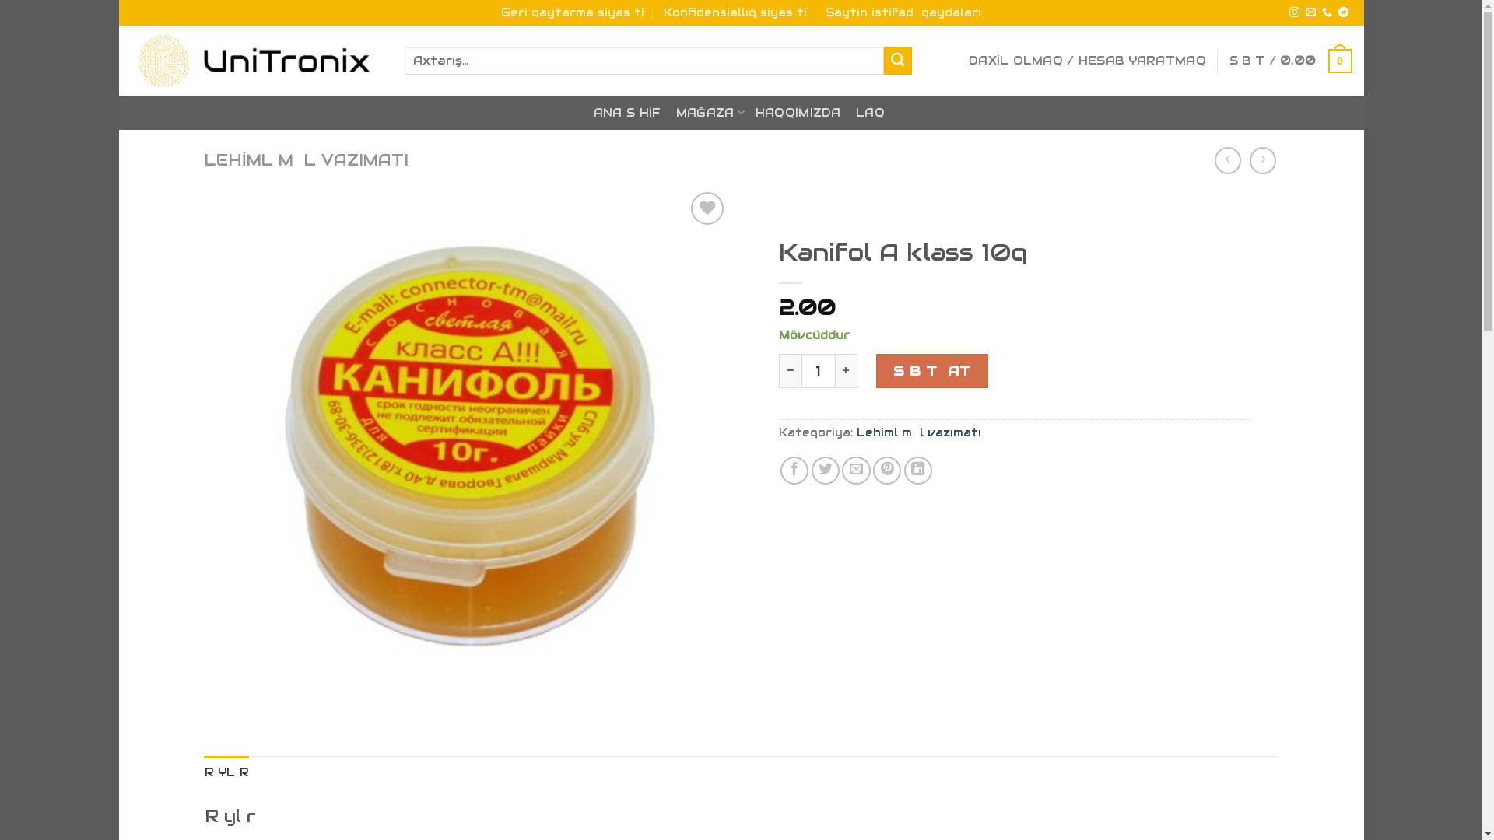 This screenshot has height=840, width=1494. What do you see at coordinates (794, 470) in the screenshot?
I see `'Share on Facebook'` at bounding box center [794, 470].